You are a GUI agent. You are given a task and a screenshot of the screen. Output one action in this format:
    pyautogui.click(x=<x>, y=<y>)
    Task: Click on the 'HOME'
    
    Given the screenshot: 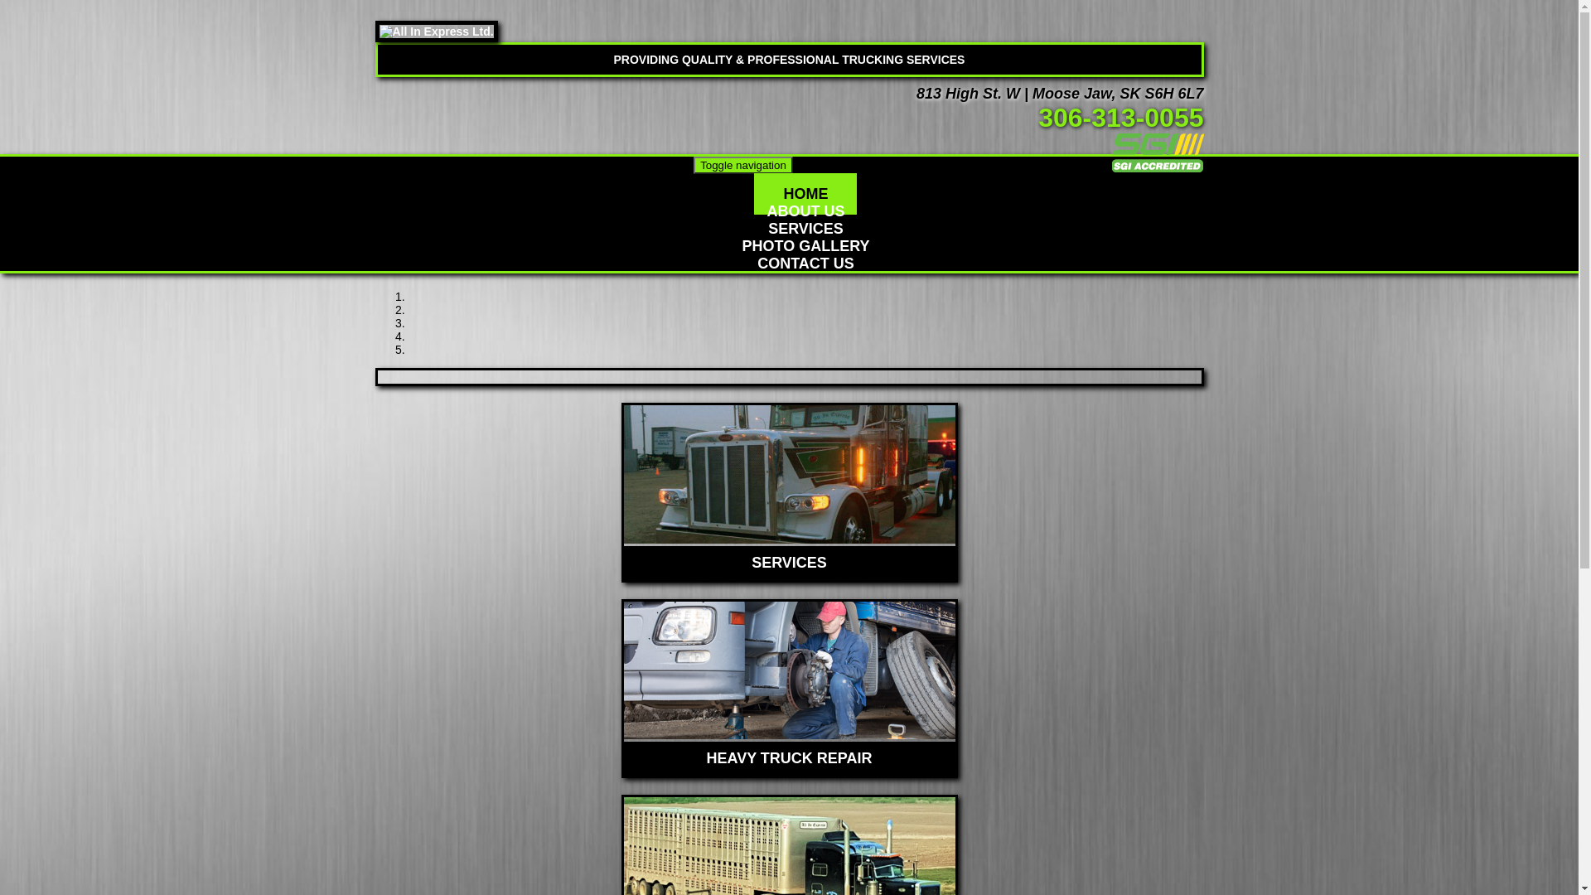 What is the action you would take?
    pyautogui.click(x=805, y=193)
    